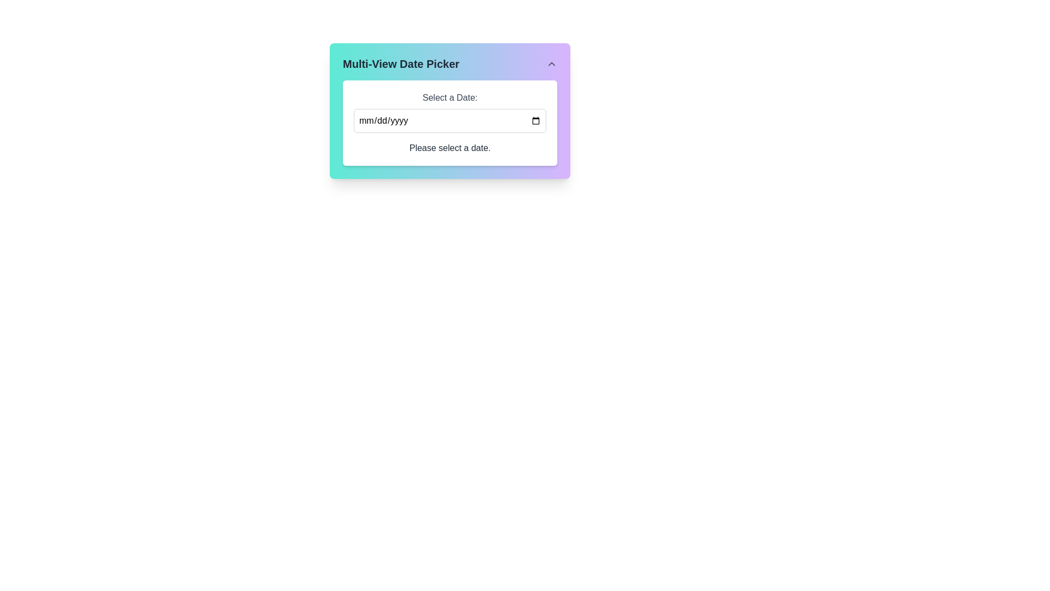  Describe the element at coordinates (551, 63) in the screenshot. I see `the upward navigation button located to the right of the 'Multi-View Date Picker' text` at that location.